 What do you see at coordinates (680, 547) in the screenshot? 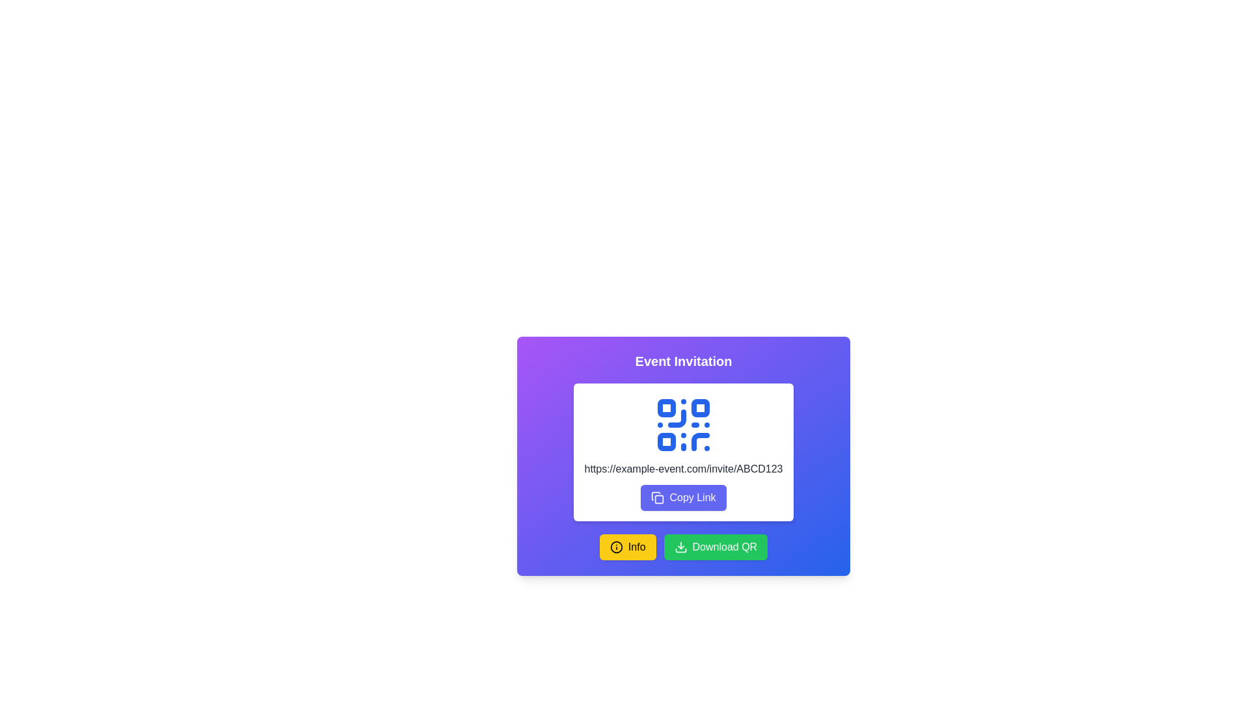
I see `the download icon inside the 'Download QR' button located at the bottom-right corner of the card with a purple and blue gradient background` at bounding box center [680, 547].